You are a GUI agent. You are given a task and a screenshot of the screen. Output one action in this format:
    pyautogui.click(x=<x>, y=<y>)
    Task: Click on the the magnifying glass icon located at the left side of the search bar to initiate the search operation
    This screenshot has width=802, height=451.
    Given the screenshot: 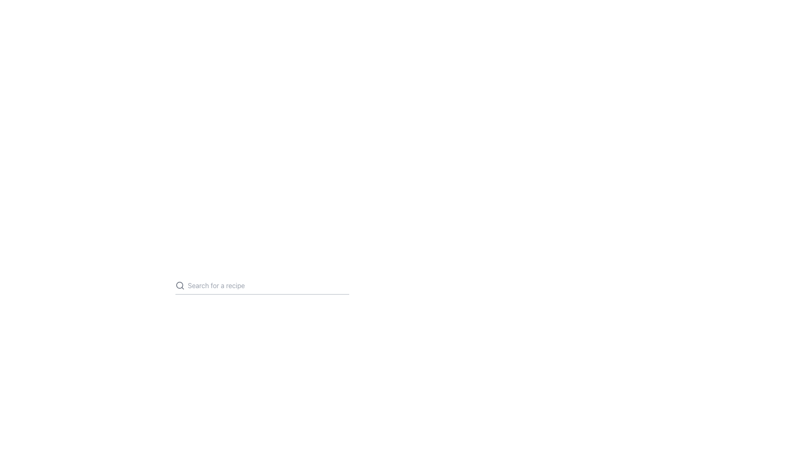 What is the action you would take?
    pyautogui.click(x=179, y=285)
    